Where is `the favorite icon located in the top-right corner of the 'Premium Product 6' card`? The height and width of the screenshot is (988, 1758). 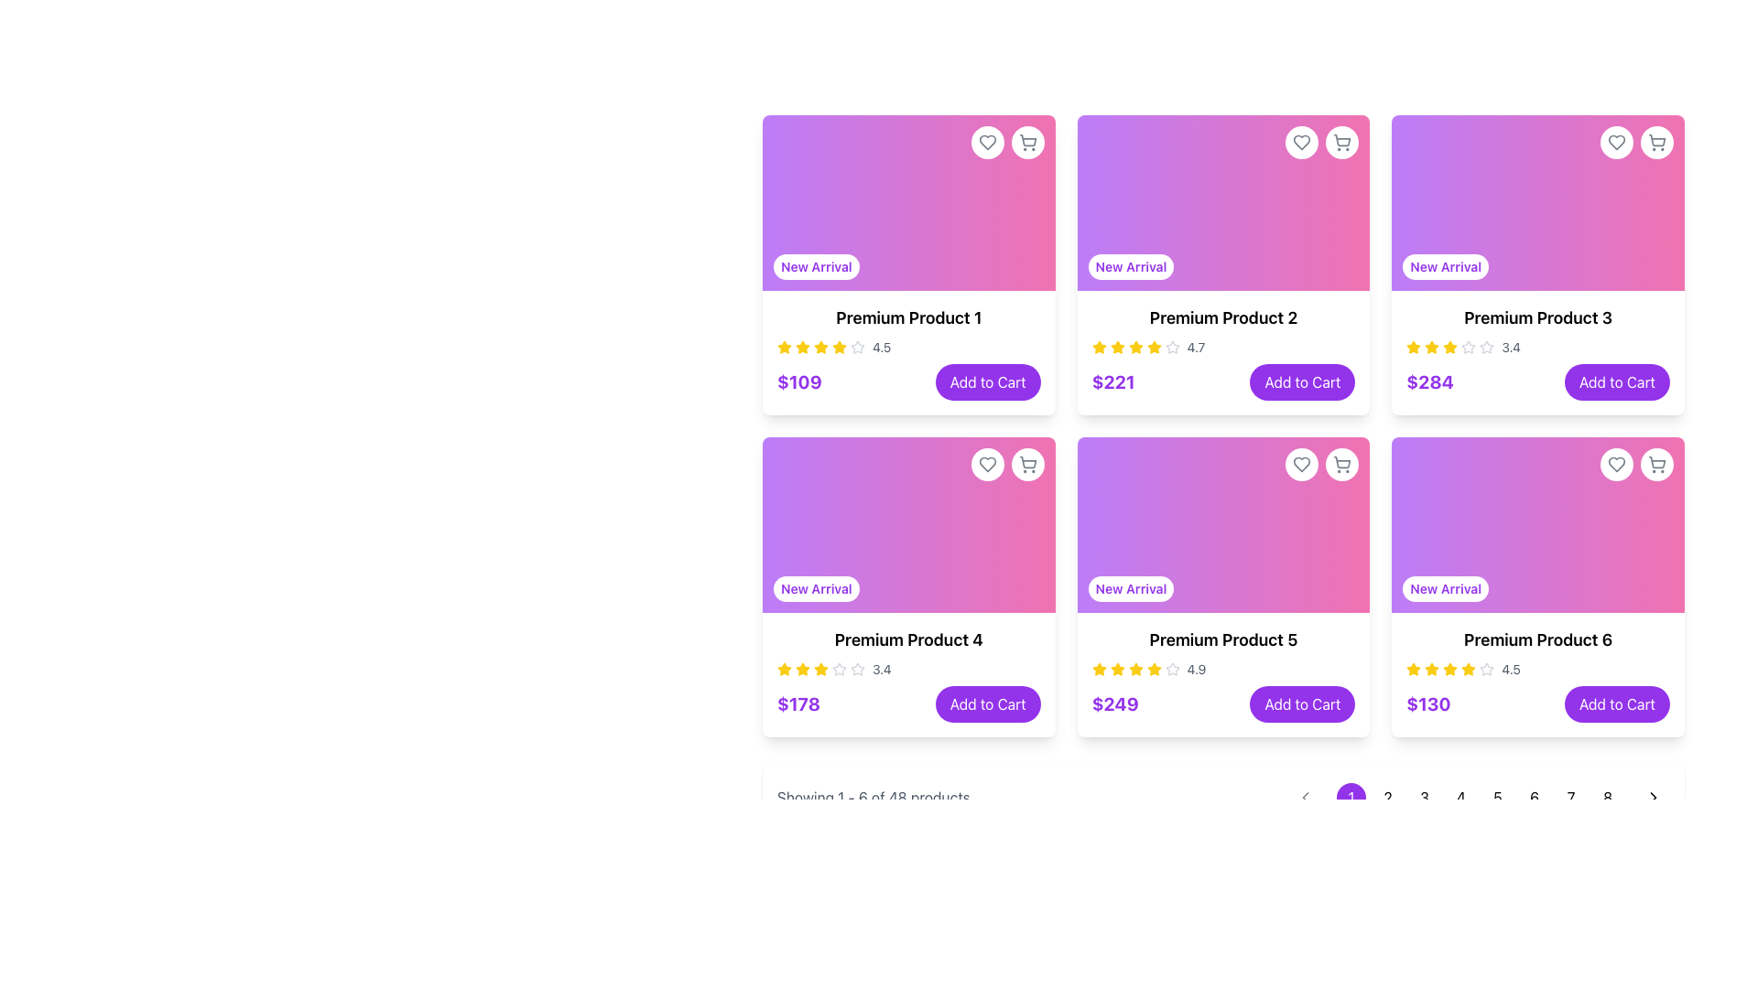
the favorite icon located in the top-right corner of the 'Premium Product 6' card is located at coordinates (1617, 464).